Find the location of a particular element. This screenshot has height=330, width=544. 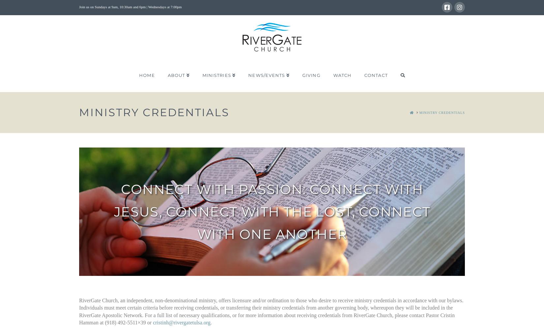

'.' is located at coordinates (211, 322).